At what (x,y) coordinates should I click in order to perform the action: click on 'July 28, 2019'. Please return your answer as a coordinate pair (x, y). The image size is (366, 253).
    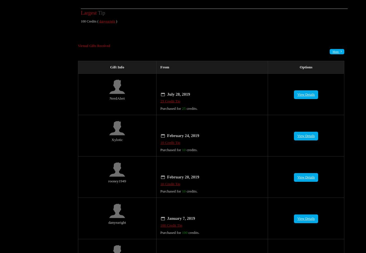
    Looking at the image, I should click on (178, 88).